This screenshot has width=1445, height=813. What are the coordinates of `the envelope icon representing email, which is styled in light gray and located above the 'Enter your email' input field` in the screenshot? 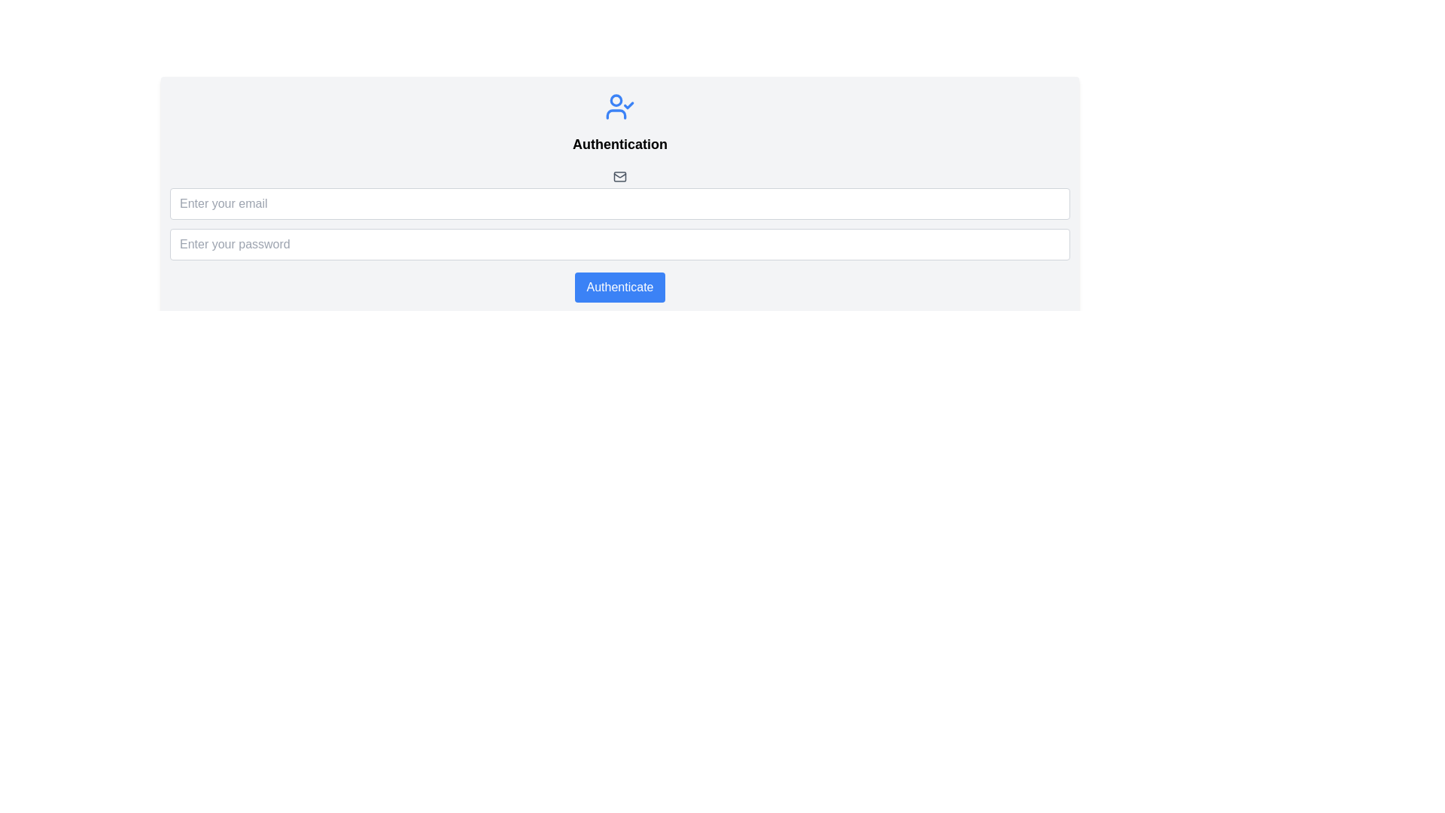 It's located at (620, 175).